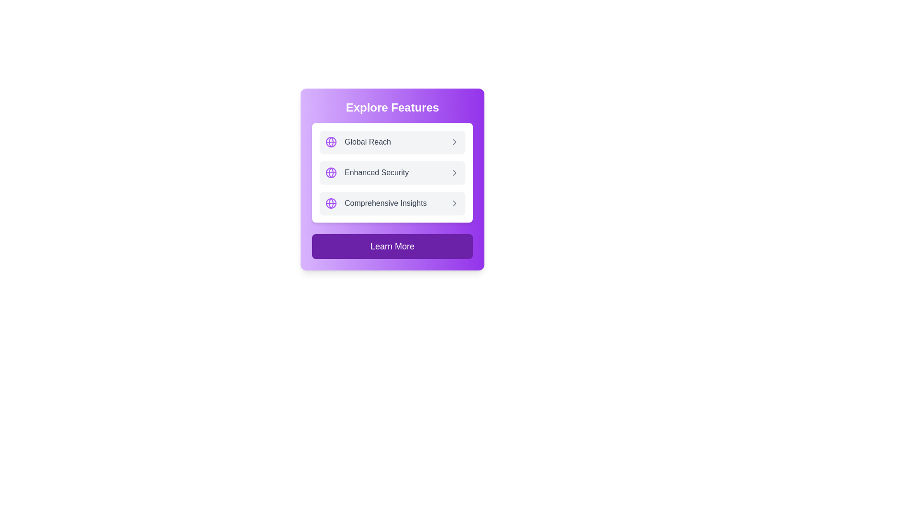 Image resolution: width=919 pixels, height=517 pixels. What do you see at coordinates (392, 142) in the screenshot?
I see `first interactive list item under the 'Explore Features' header, which is associated with 'Global Reach', by clicking on it` at bounding box center [392, 142].